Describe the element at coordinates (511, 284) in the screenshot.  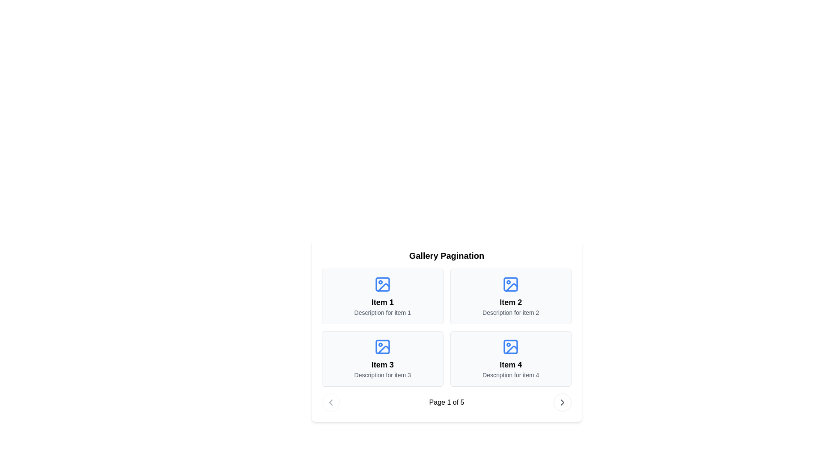
I see `the blue SVG icon depicting a mountain-like shape with a circle, which serves as an image placeholder, located above the 'Item 2' label` at that location.